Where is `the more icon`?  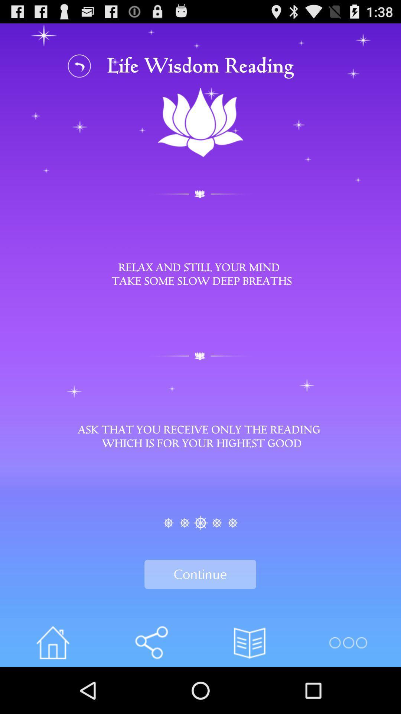
the more icon is located at coordinates (348, 687).